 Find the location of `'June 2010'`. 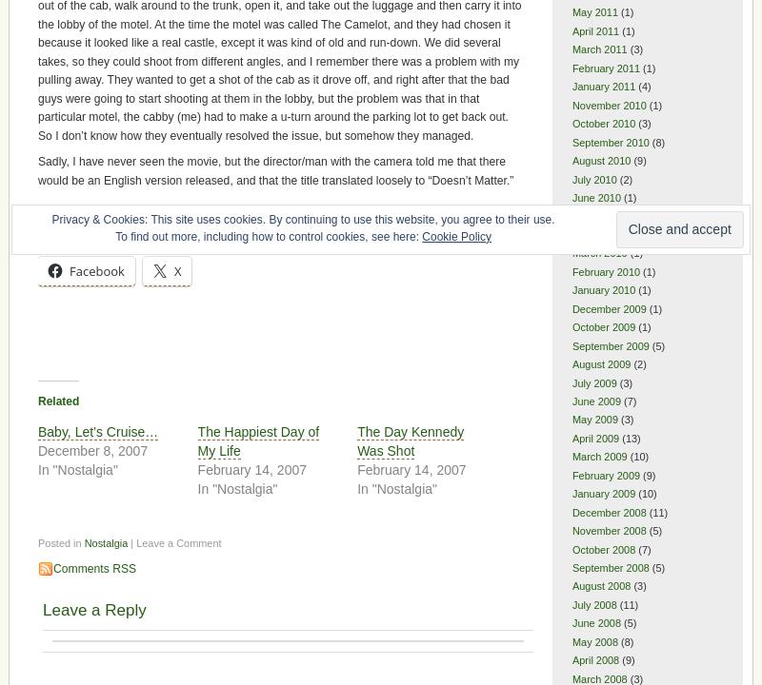

'June 2010' is located at coordinates (596, 196).